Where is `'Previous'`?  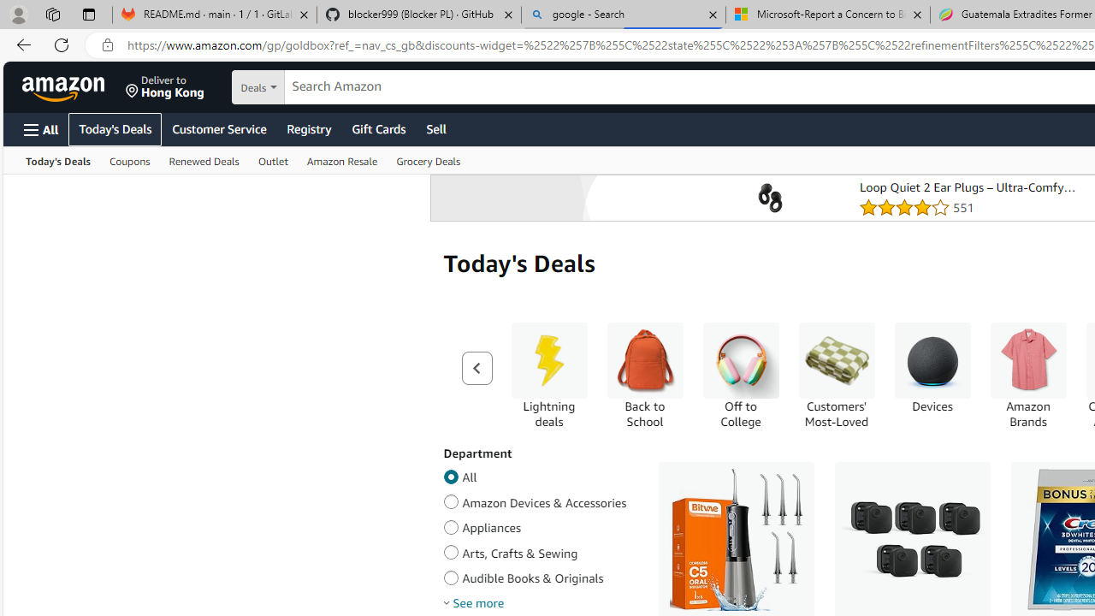 'Previous' is located at coordinates (476, 366).